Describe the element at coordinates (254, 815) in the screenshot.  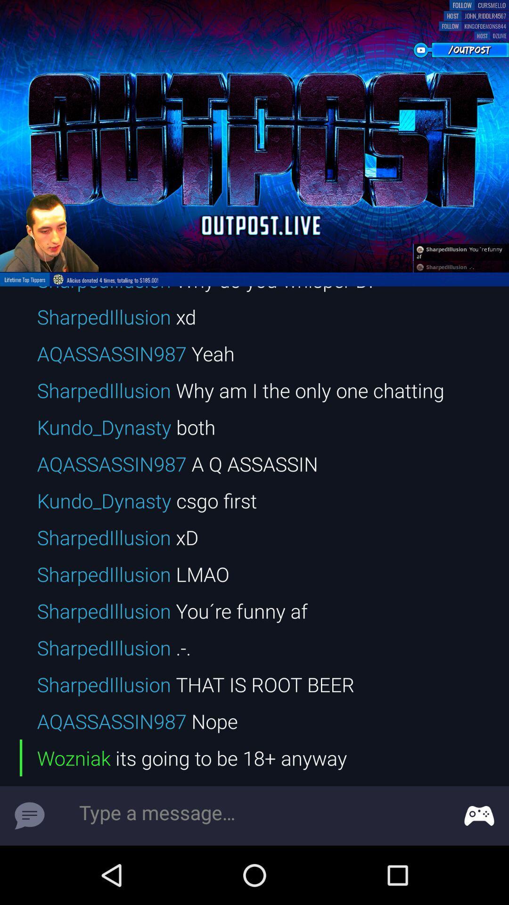
I see `message box` at that location.